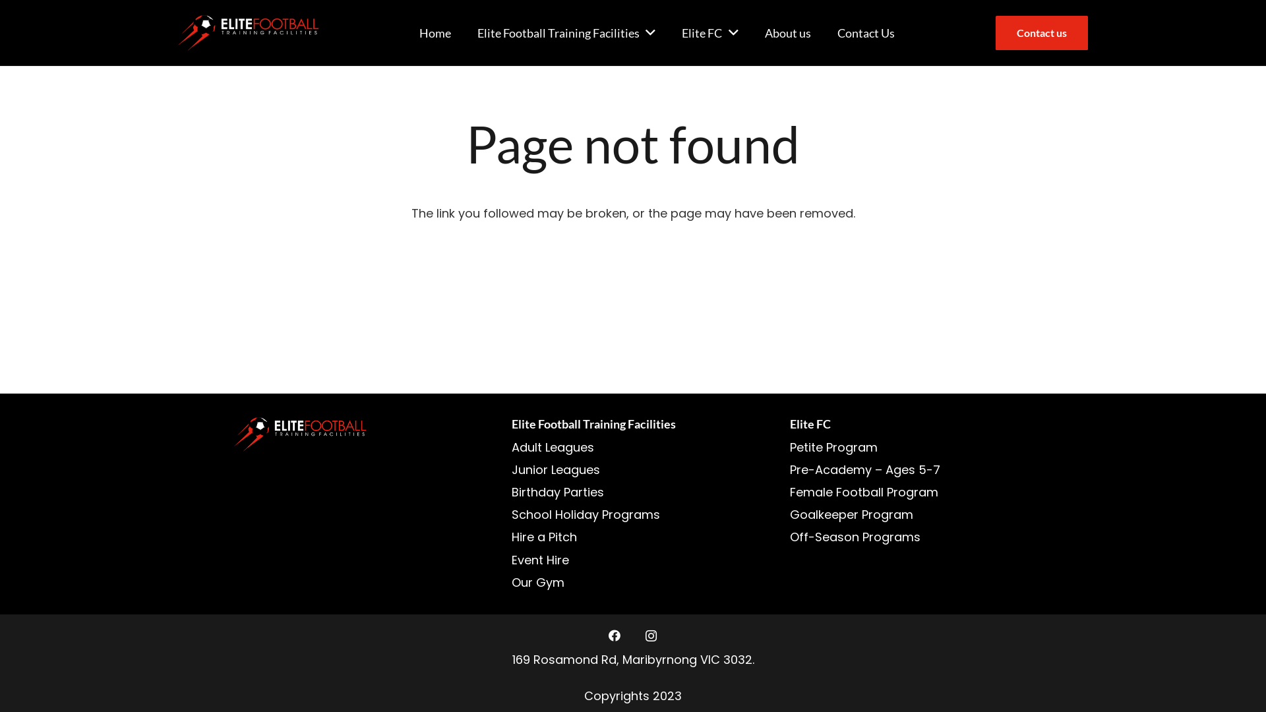 The image size is (1266, 712). What do you see at coordinates (709, 32) in the screenshot?
I see `'Elite FC'` at bounding box center [709, 32].